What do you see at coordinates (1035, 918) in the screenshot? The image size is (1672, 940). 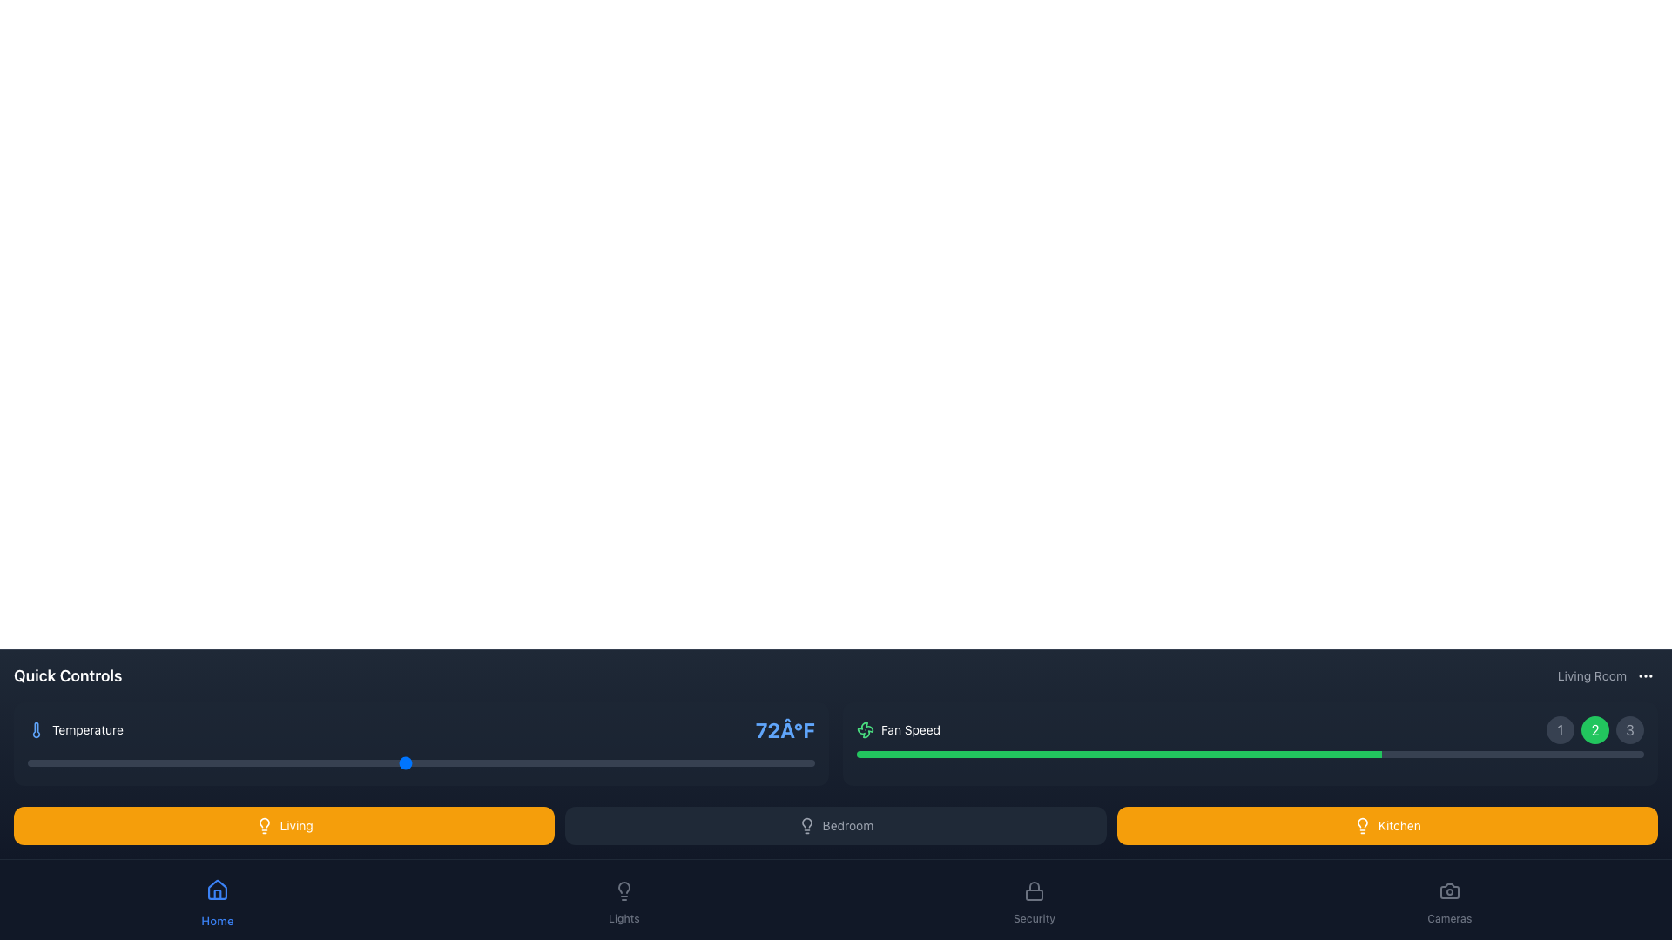 I see `the text label located in the footer navigation bar, which indicates the purpose of the interactive security-related icon (lock symbol)` at bounding box center [1035, 918].